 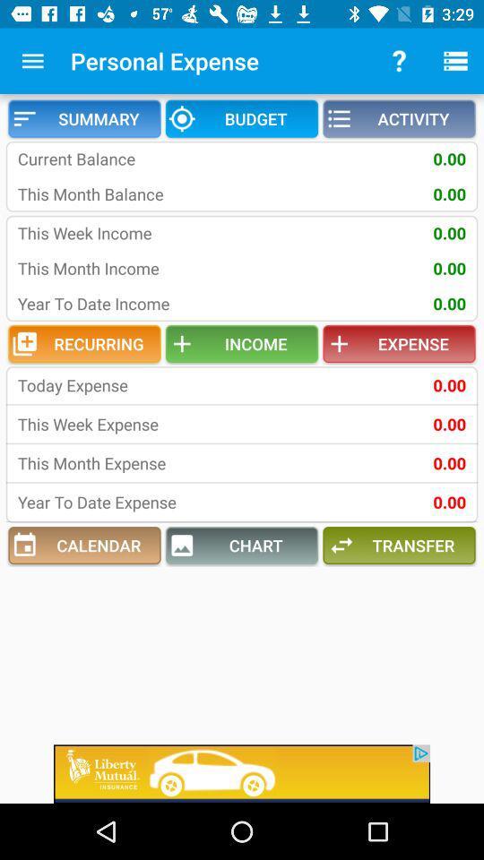 What do you see at coordinates (83, 343) in the screenshot?
I see `icon above today expense item` at bounding box center [83, 343].